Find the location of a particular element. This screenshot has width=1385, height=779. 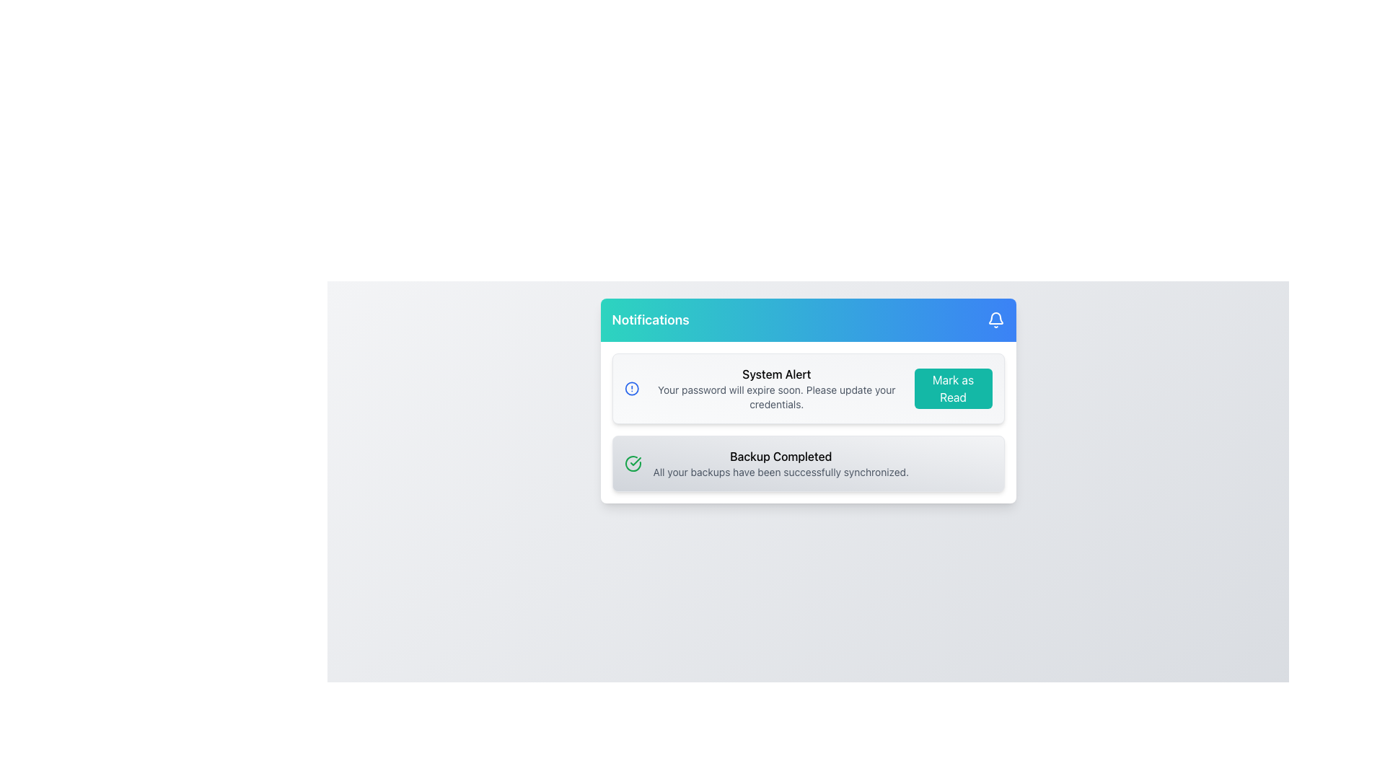

the text element conveying the password expiration message, which is located within the notification card below the 'System Alert' title is located at coordinates (775, 397).